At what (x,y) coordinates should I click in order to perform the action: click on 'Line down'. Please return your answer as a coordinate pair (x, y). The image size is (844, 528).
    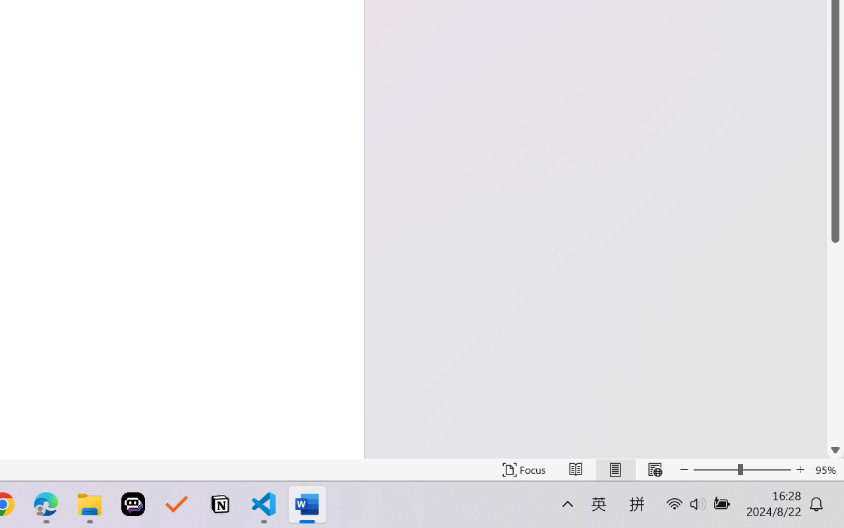
    Looking at the image, I should click on (835, 450).